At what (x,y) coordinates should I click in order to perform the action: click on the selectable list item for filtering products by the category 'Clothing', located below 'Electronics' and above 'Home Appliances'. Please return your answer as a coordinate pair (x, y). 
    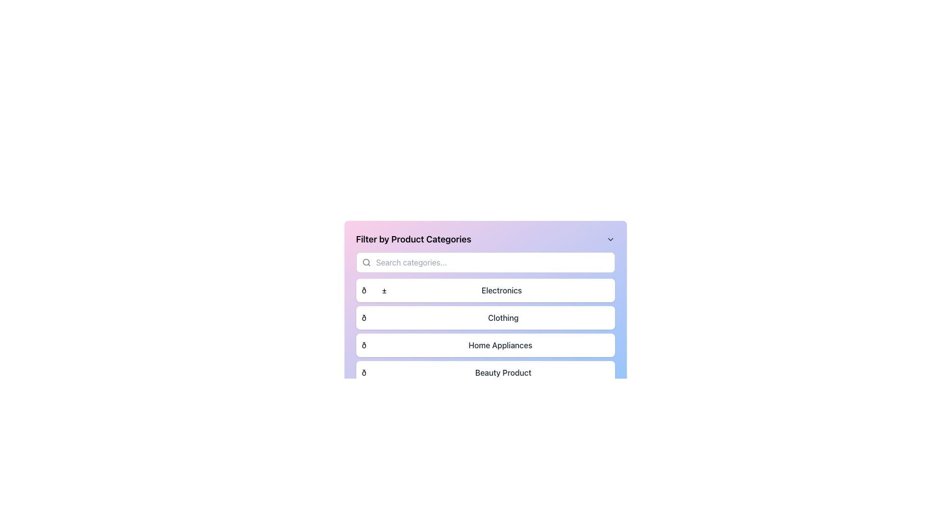
    Looking at the image, I should click on (485, 317).